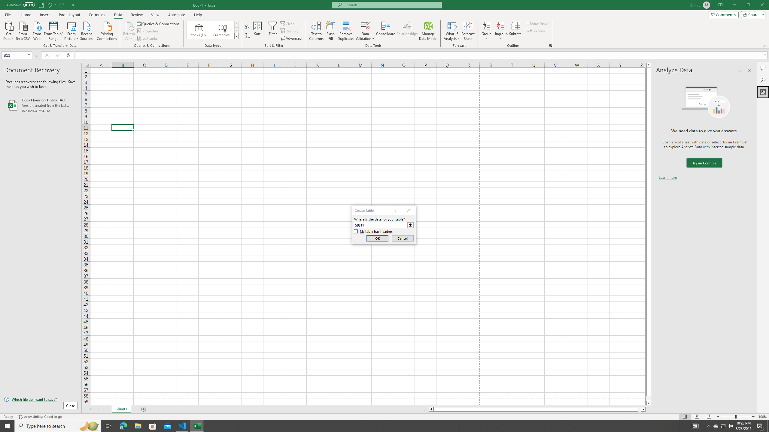 This screenshot has width=769, height=432. Describe the element at coordinates (158, 23) in the screenshot. I see `'Queries & Connections'` at that location.